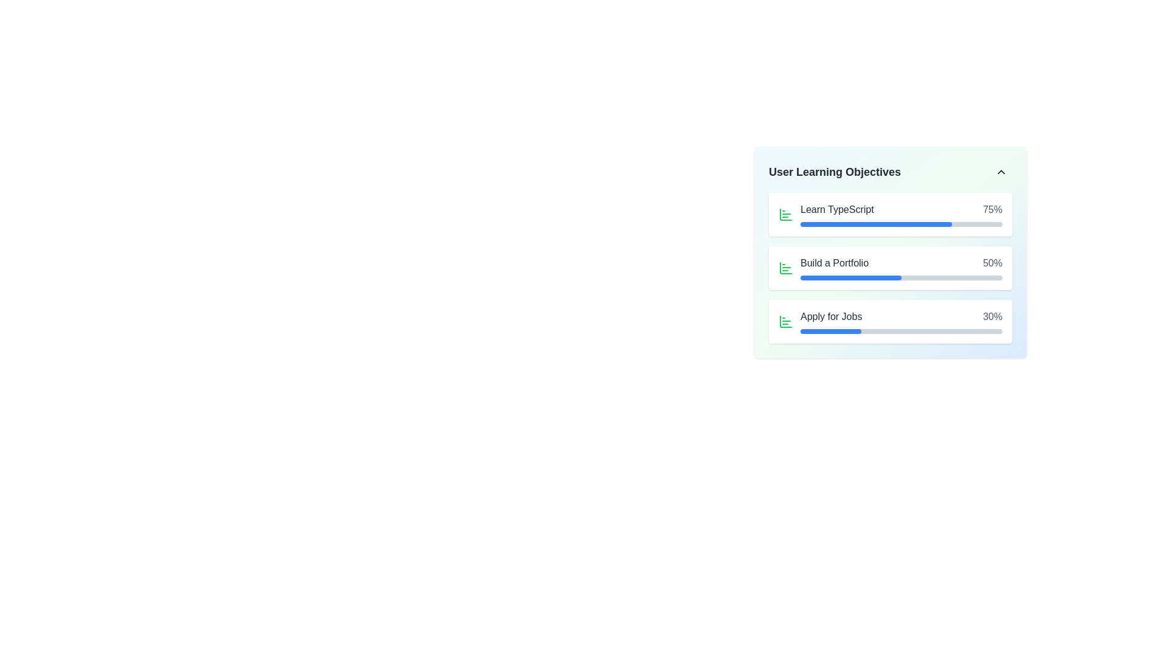 This screenshot has height=657, width=1168. What do you see at coordinates (836, 209) in the screenshot?
I see `the 'Learn TypeScript' text label, which is part of the 'User Learning Objectives' panel, displaying the objective in medium font weight and gray color` at bounding box center [836, 209].